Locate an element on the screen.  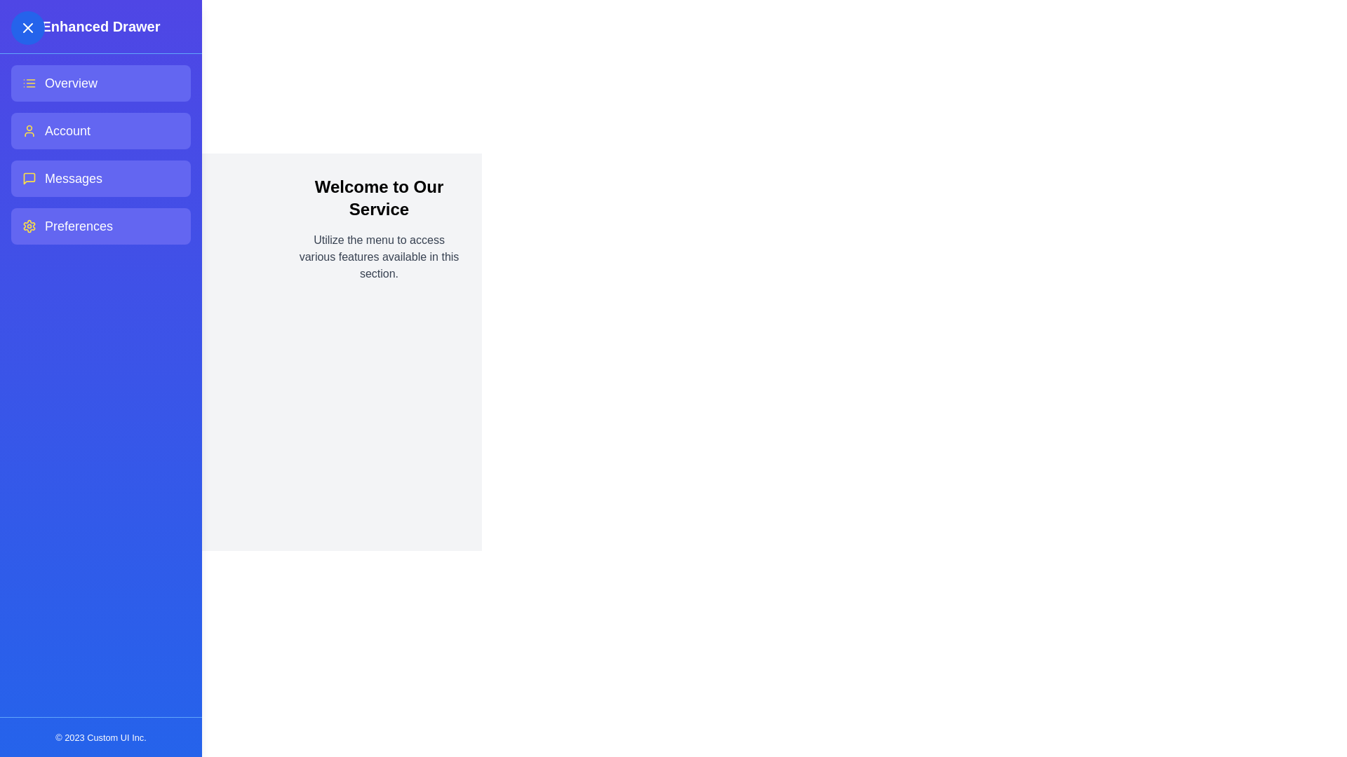
the Close Icon (small 'X' icon on a blue circular background) is located at coordinates (27, 27).